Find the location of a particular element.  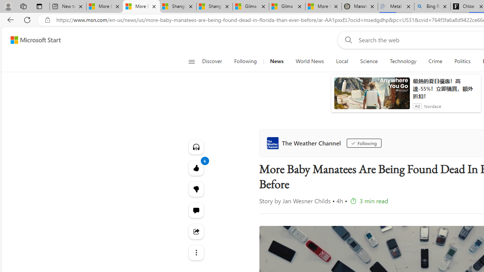

'Crime' is located at coordinates (436, 61).